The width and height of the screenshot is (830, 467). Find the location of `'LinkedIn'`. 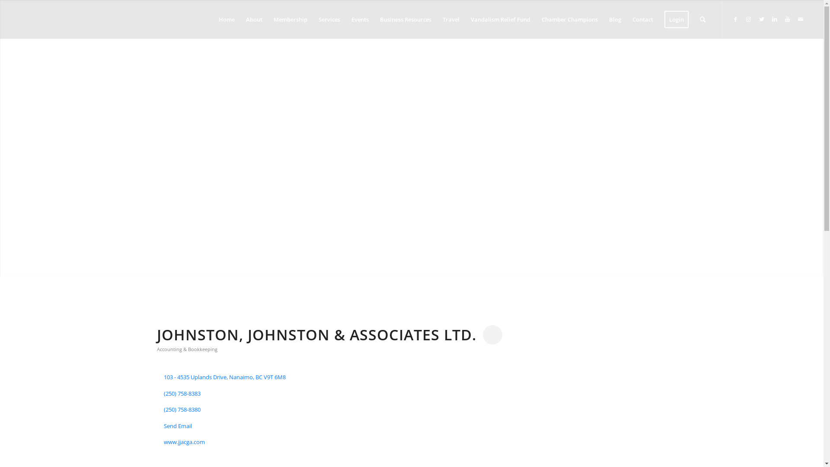

'LinkedIn' is located at coordinates (774, 19).